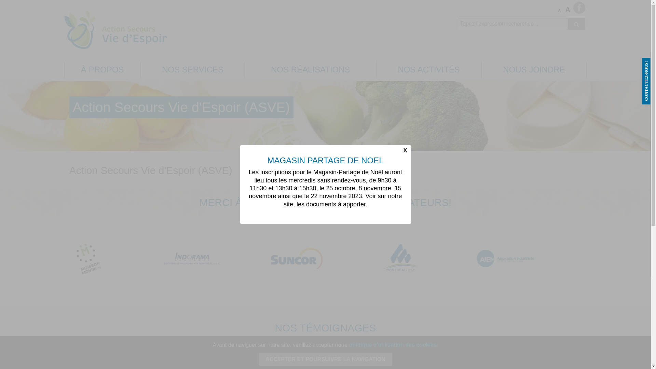  What do you see at coordinates (534, 69) in the screenshot?
I see `'NOUS JOINDRE'` at bounding box center [534, 69].